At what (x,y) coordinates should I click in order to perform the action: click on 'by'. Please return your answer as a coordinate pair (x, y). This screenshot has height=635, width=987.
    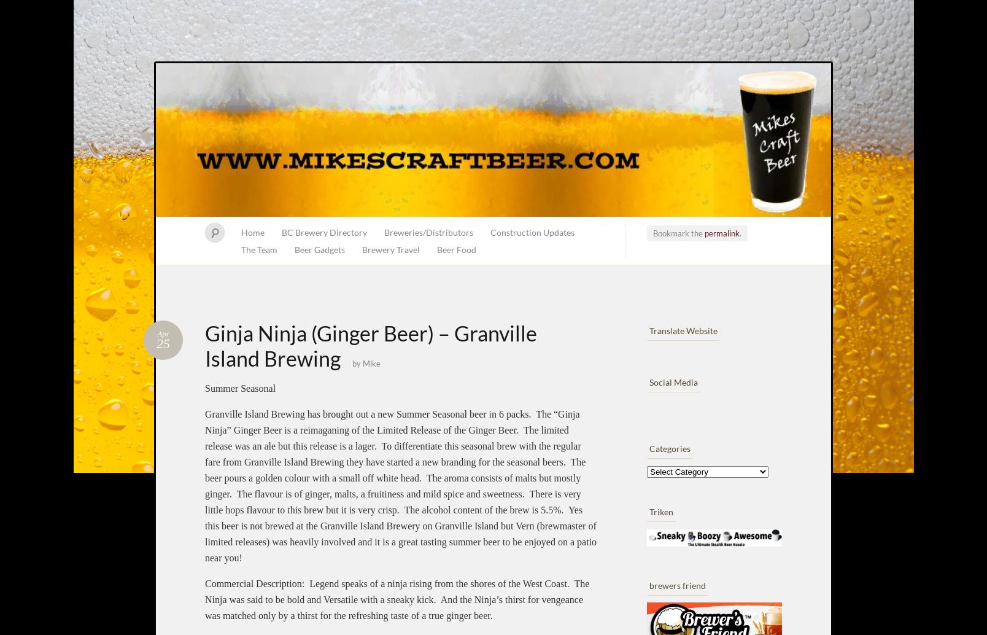
    Looking at the image, I should click on (352, 363).